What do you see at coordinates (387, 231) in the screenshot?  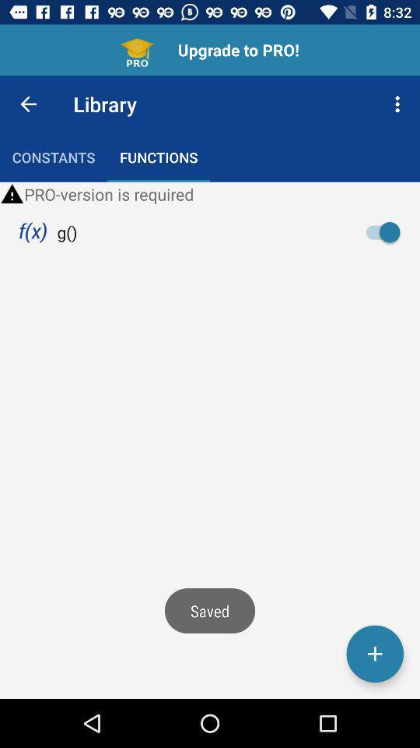 I see `the item below the pro version is` at bounding box center [387, 231].